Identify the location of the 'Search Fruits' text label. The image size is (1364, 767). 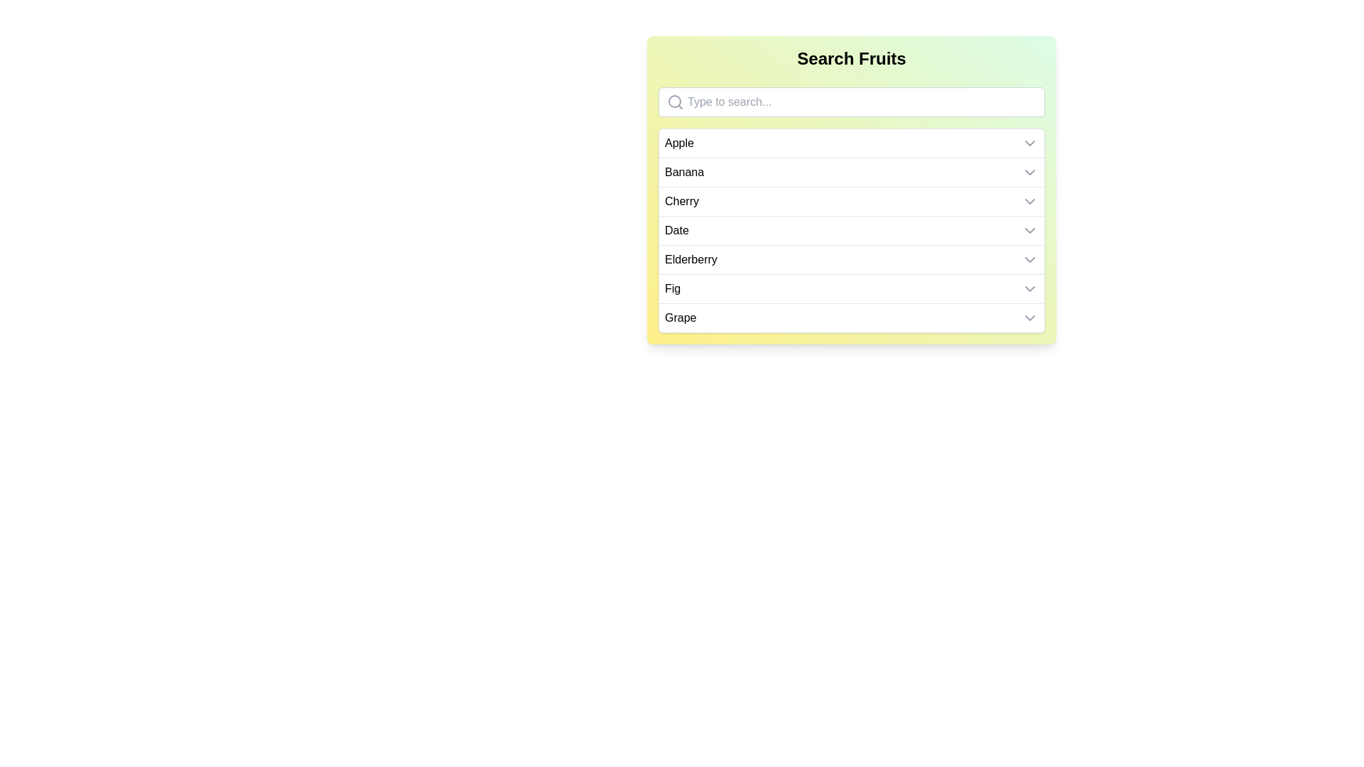
(852, 58).